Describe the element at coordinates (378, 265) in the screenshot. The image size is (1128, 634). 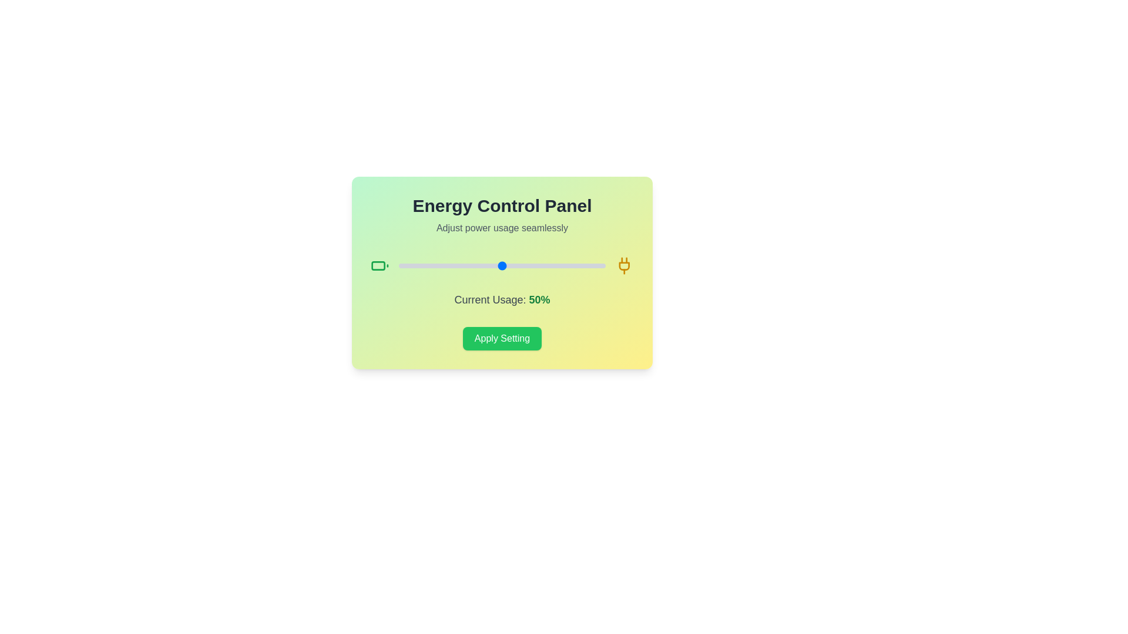
I see `the rectangular shape that is part of the battery icon, which is centrally located within the main body of the battery icon in the Energy Control Panel` at that location.